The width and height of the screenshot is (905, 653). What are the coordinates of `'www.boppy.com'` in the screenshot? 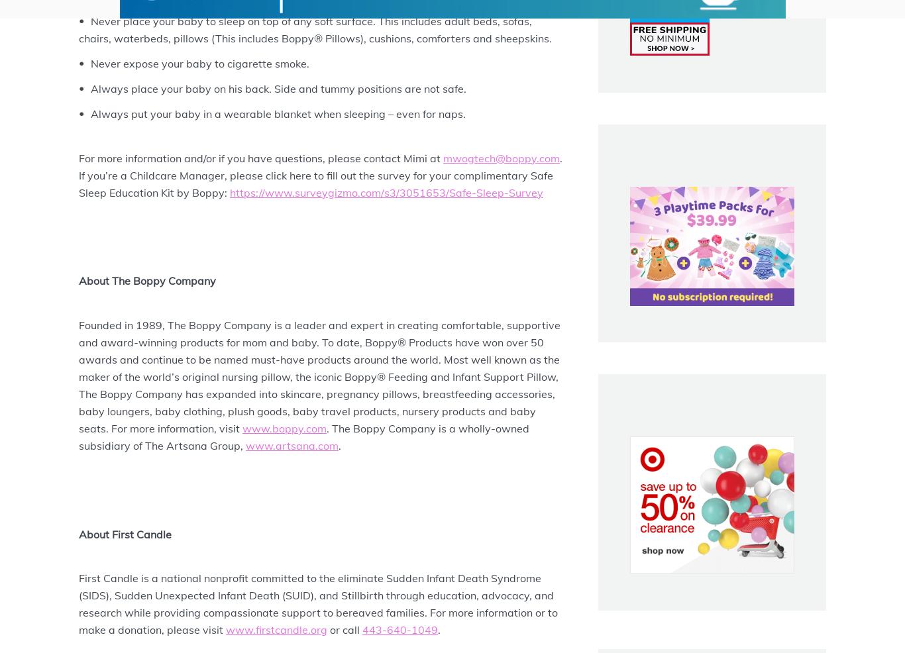 It's located at (284, 428).